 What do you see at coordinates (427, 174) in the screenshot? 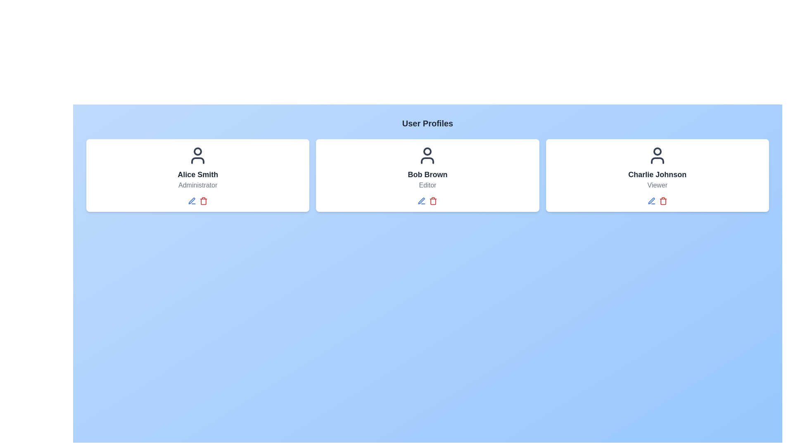
I see `the text label displaying the name 'Bob Brown', which is prominently styled in bold and dark gray, positioned centrally above the subtitle 'Editor'` at bounding box center [427, 174].